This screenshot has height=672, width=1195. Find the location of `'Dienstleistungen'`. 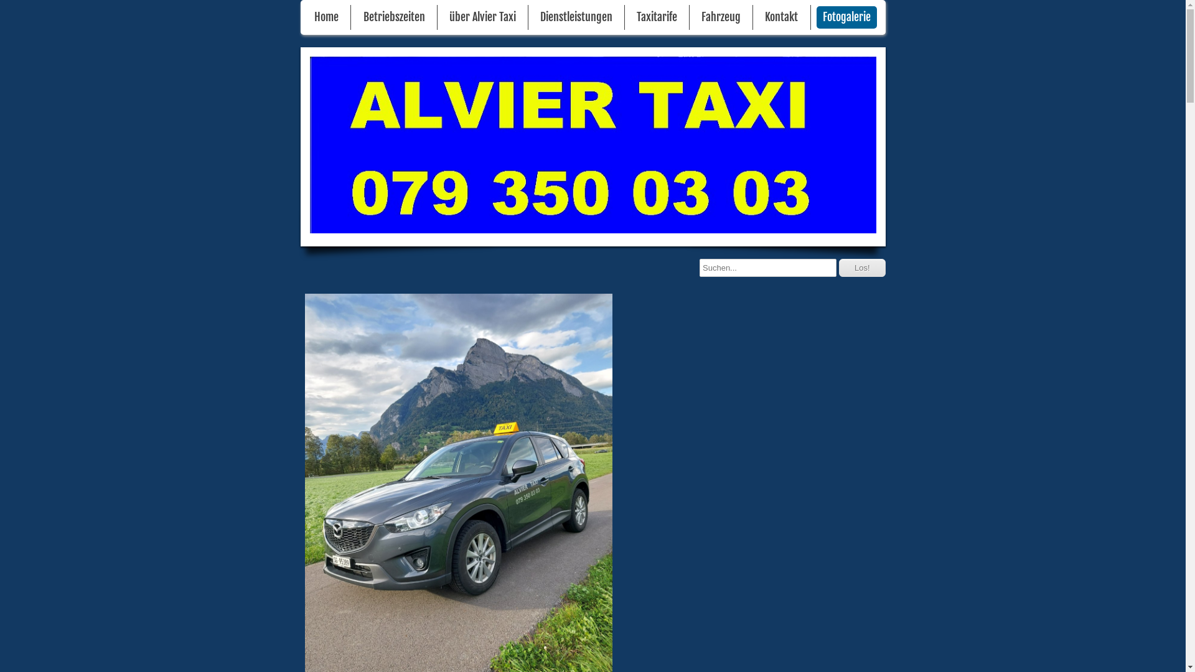

'Dienstleistungen' is located at coordinates (576, 17).